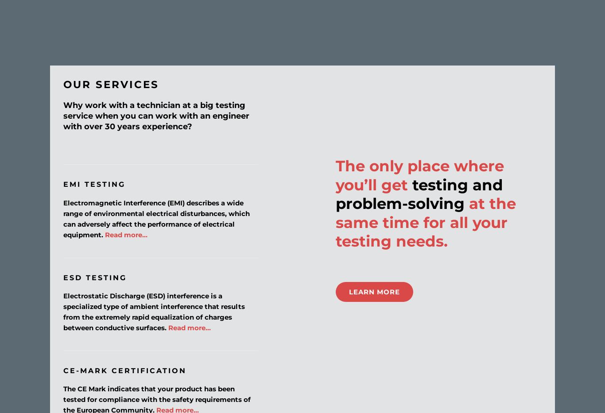 Image resolution: width=605 pixels, height=413 pixels. What do you see at coordinates (155, 115) in the screenshot?
I see `'Why work with a technician at a big testing service when you can work with an engineer with over 30 years experience?'` at bounding box center [155, 115].